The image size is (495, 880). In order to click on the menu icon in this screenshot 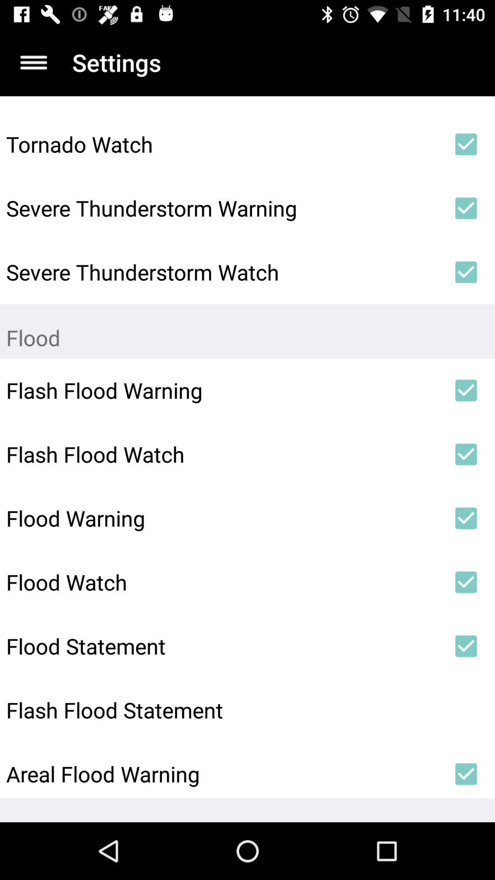, I will do `click(33, 62)`.